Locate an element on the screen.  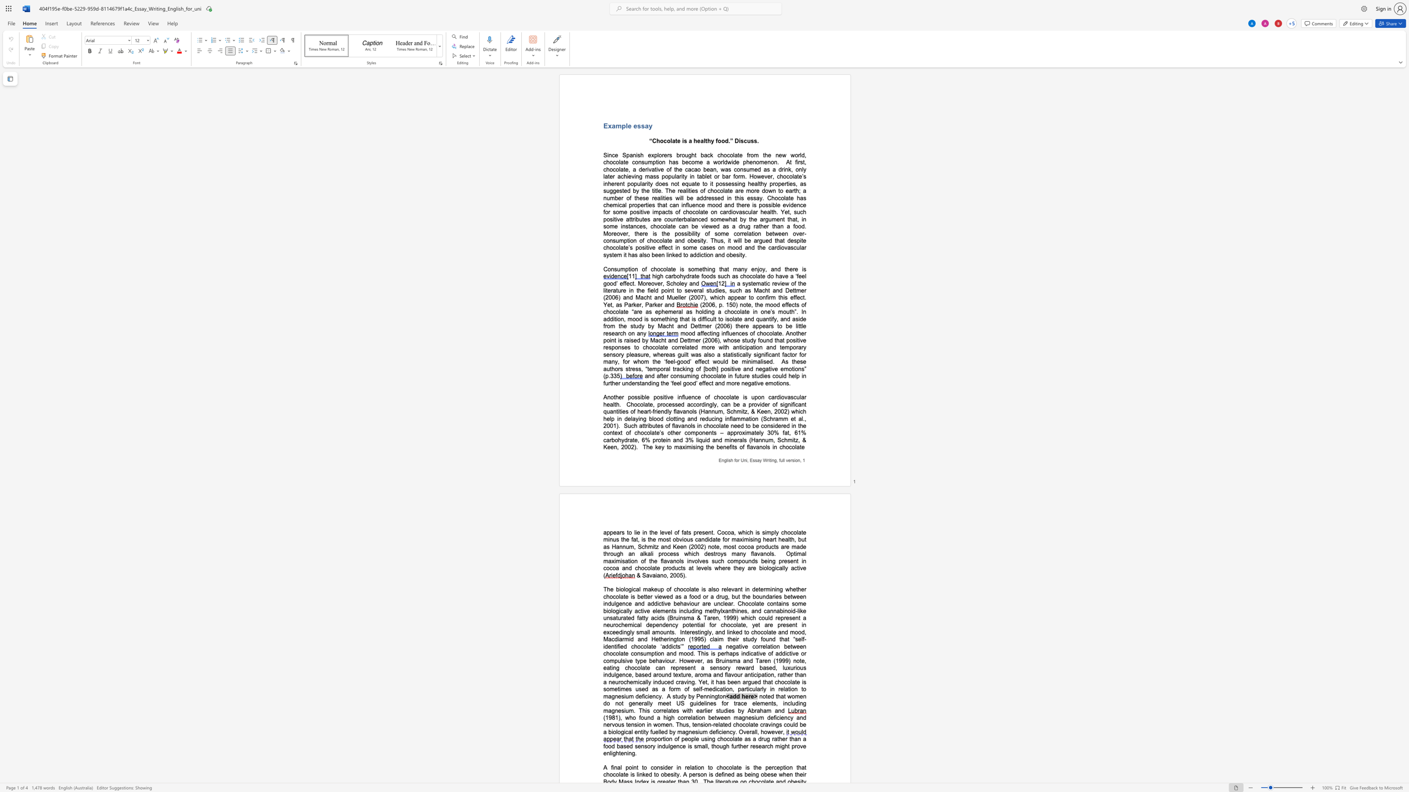
the space between the continuous character "i" and "t" in the text is located at coordinates (793, 440).